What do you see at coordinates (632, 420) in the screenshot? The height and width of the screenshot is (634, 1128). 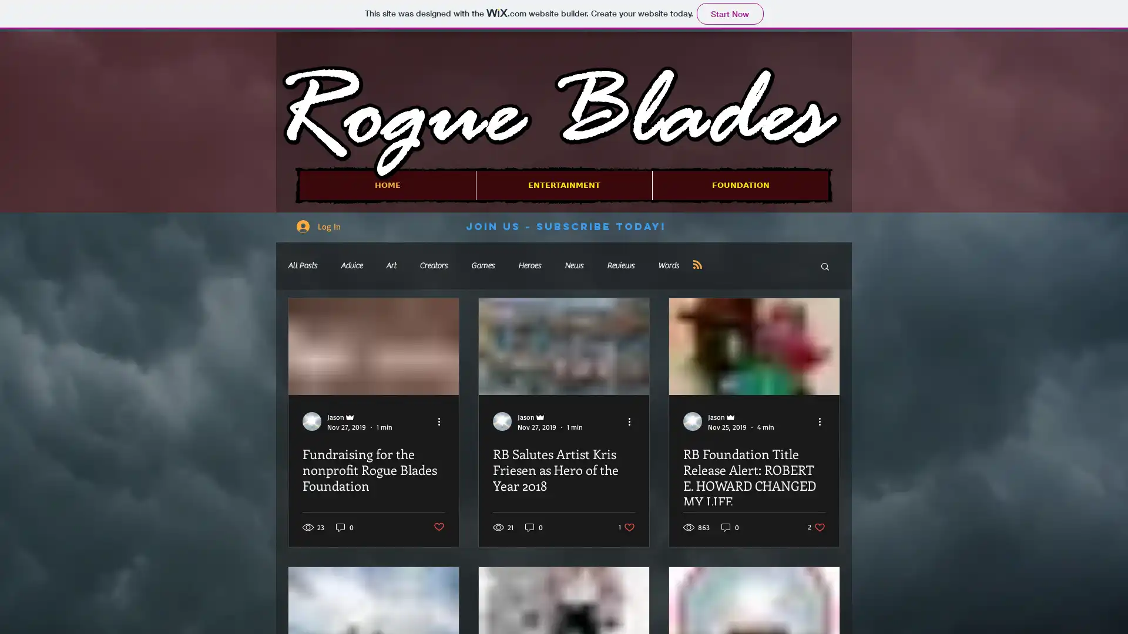 I see `More actions` at bounding box center [632, 420].